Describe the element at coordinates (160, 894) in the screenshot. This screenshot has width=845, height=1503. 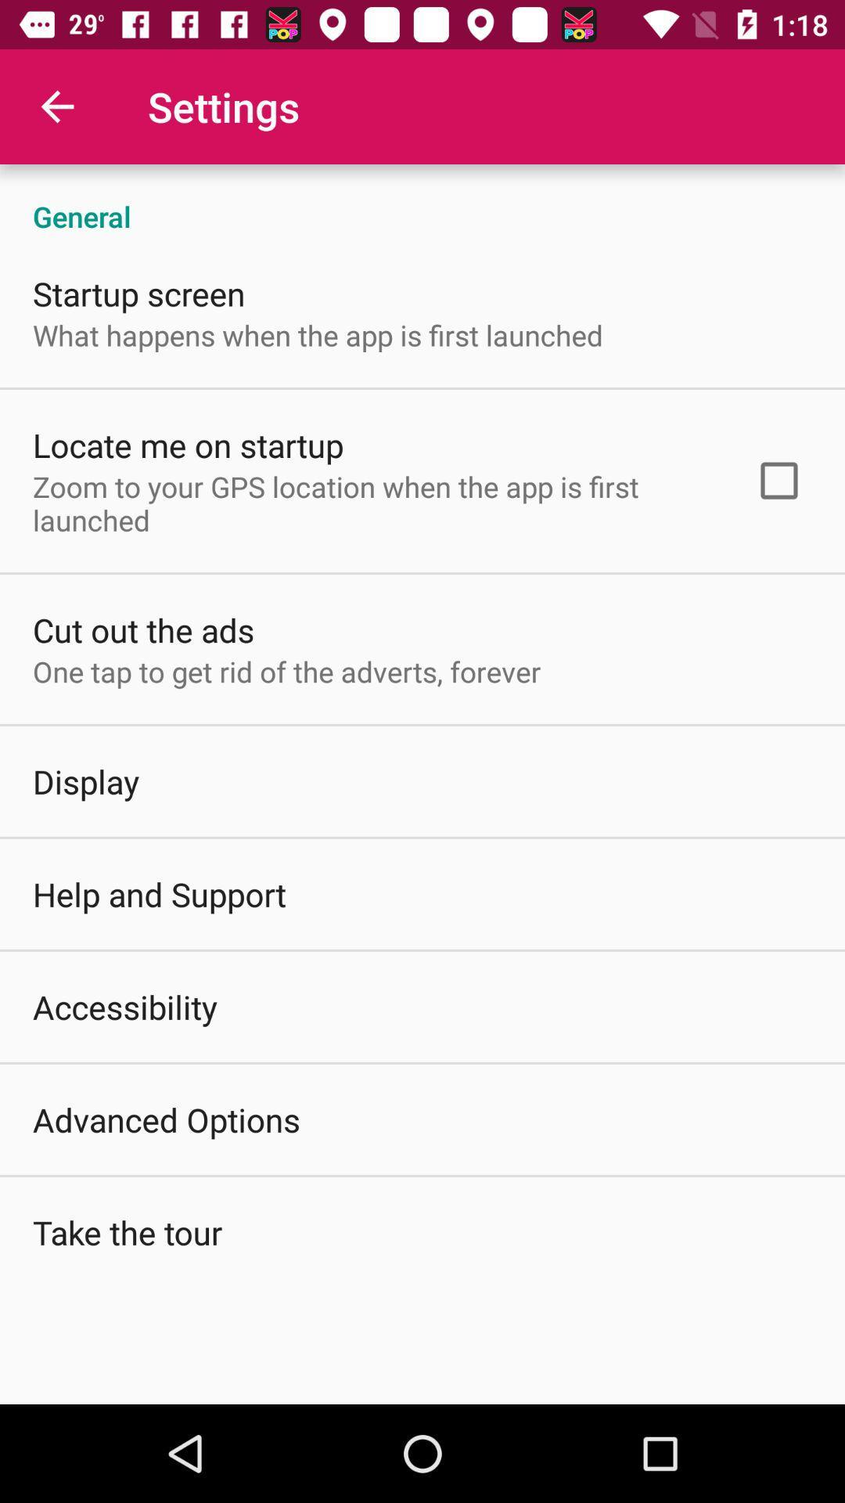
I see `the item above the accessibility icon` at that location.